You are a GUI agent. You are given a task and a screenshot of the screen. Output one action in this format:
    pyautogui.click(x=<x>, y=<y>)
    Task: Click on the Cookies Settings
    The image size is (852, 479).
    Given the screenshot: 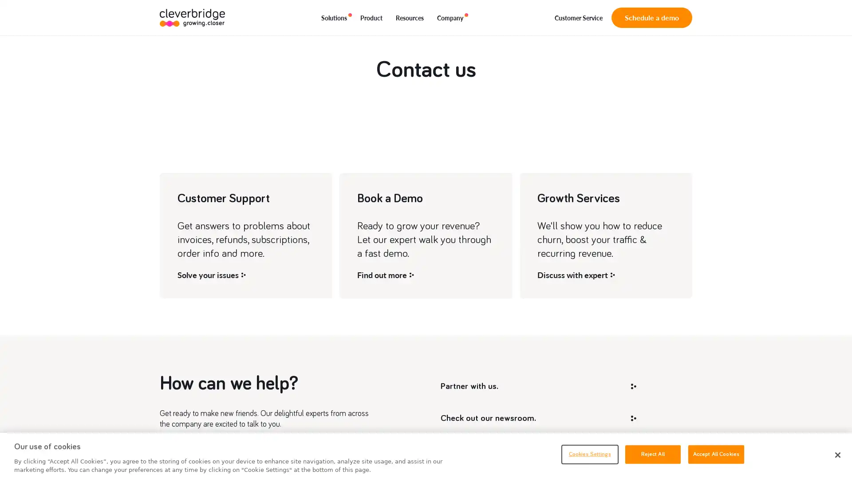 What is the action you would take?
    pyautogui.click(x=589, y=454)
    